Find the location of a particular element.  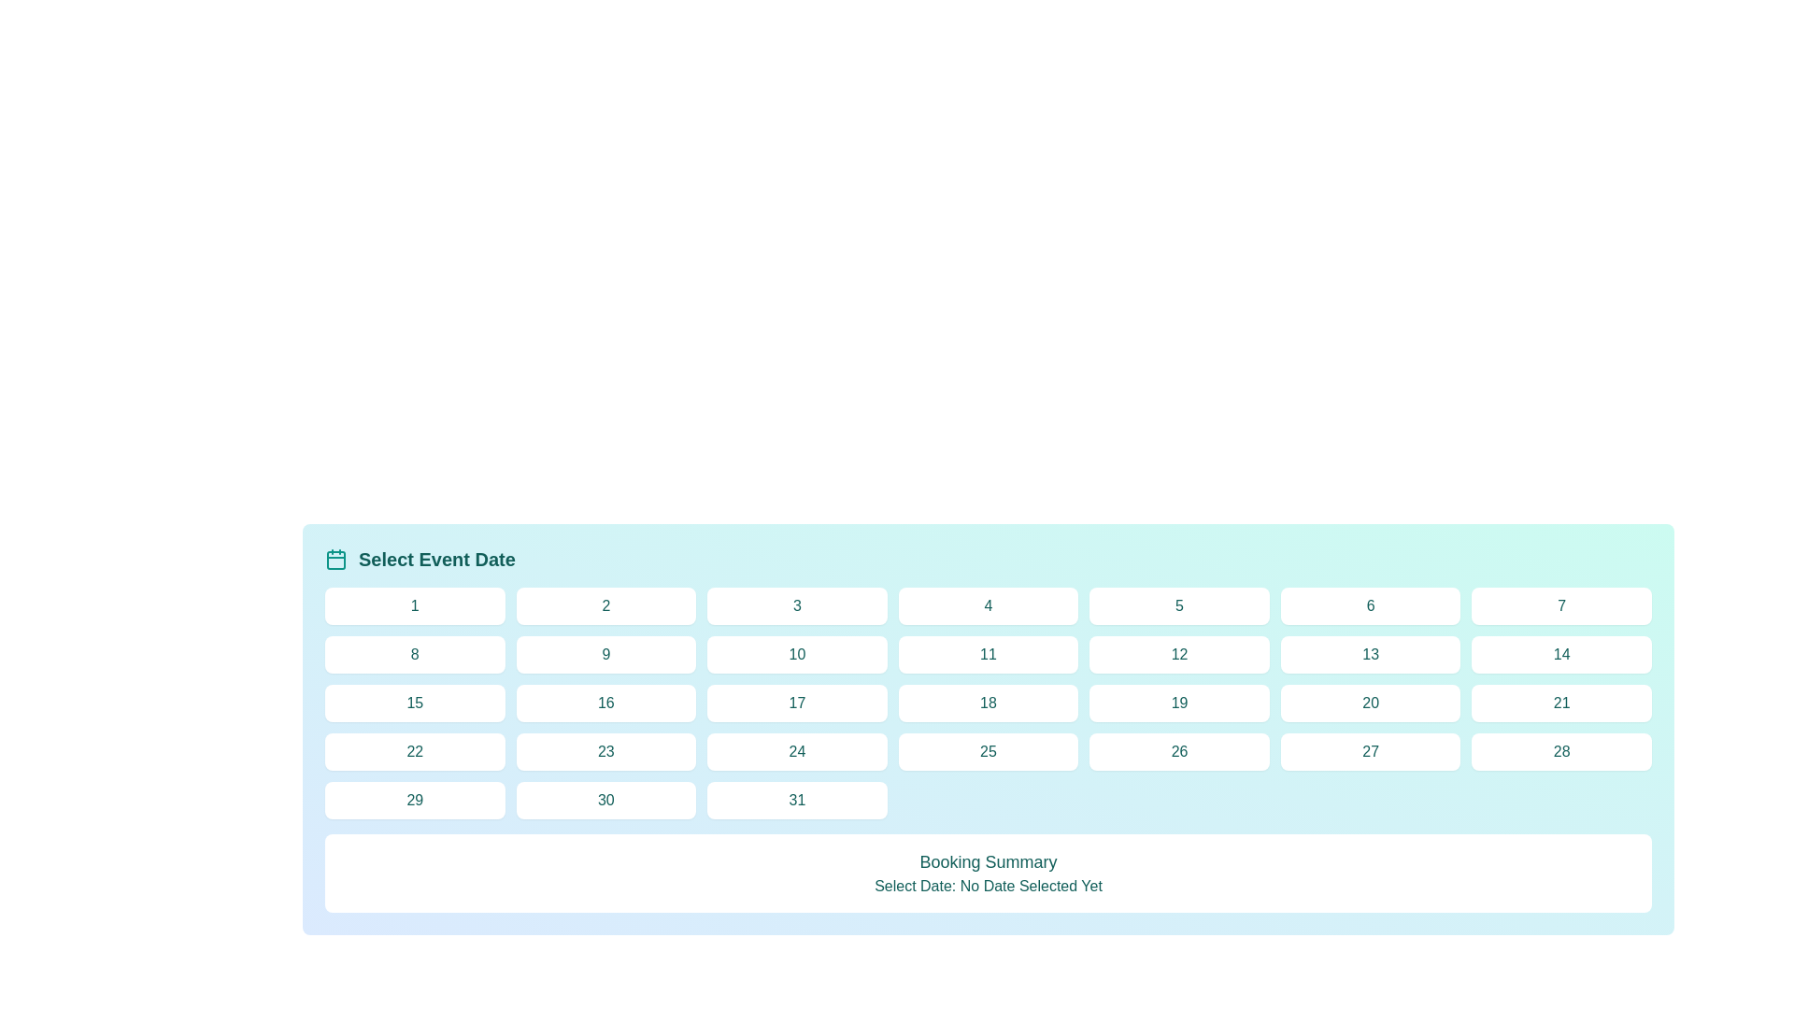

the button displaying the number '16' in a calendar interface is located at coordinates (605, 703).